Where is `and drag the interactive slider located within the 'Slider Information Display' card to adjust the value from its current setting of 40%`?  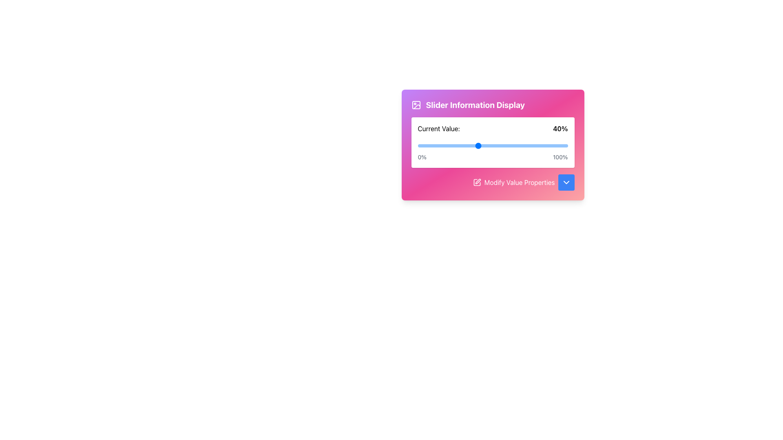 and drag the interactive slider located within the 'Slider Information Display' card to adjust the value from its current setting of 40% is located at coordinates (492, 142).